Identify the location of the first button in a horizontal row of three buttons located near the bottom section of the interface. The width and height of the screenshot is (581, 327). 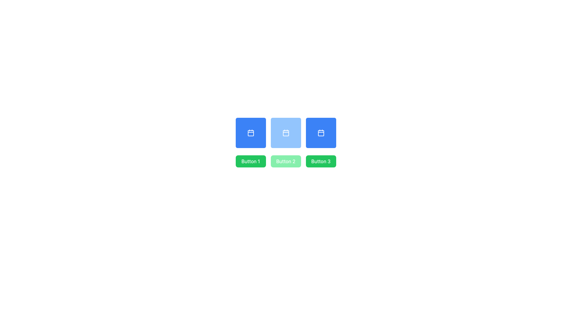
(251, 161).